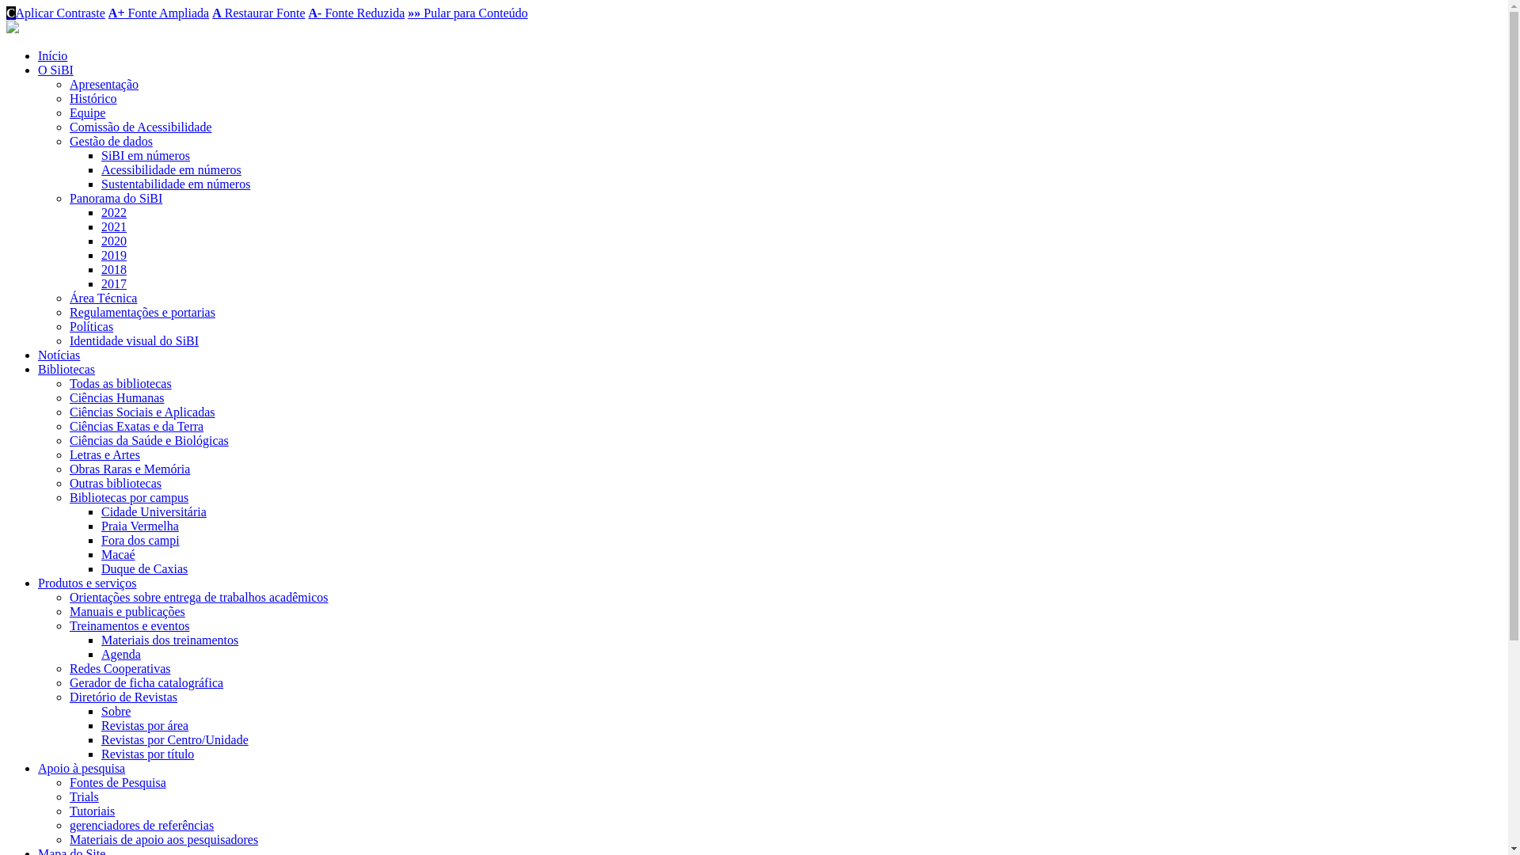 The image size is (1520, 855). Describe the element at coordinates (68, 668) in the screenshot. I see `'Redes Cooperativas'` at that location.